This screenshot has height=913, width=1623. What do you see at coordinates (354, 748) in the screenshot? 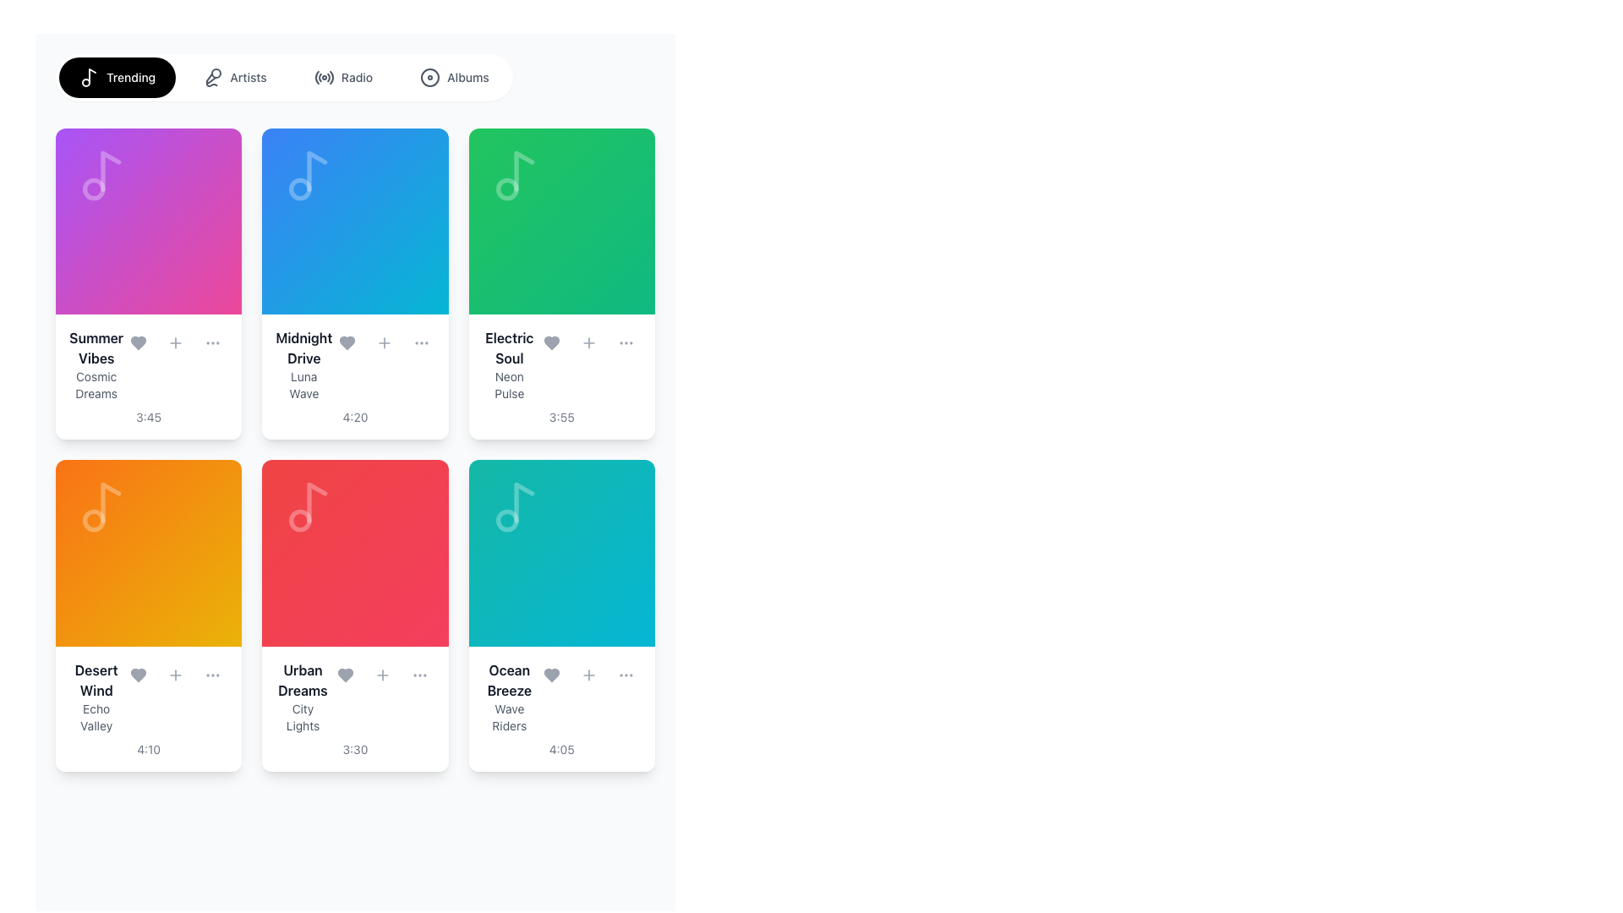
I see `duration text label located at the bottom of the 'Urban Dreams' and 'City Lights' card in the grid layout` at bounding box center [354, 748].